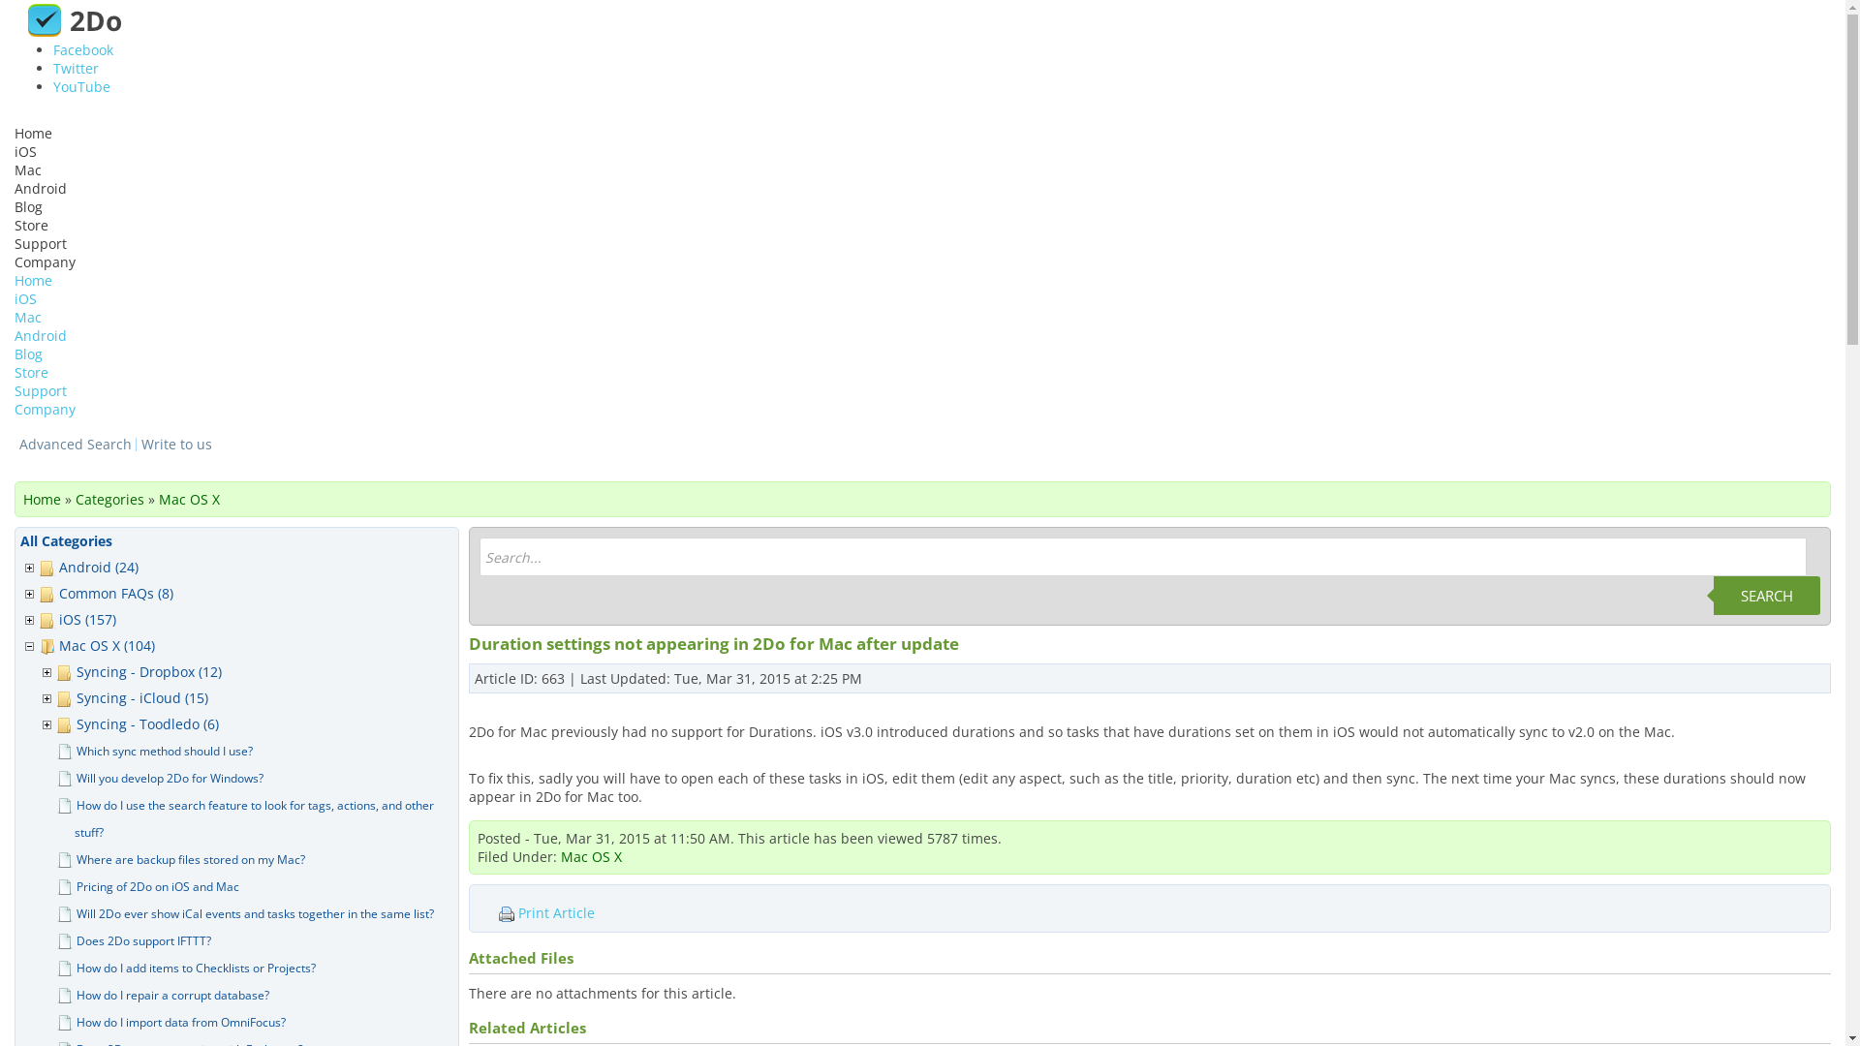  I want to click on '2Do', so click(71, 18).